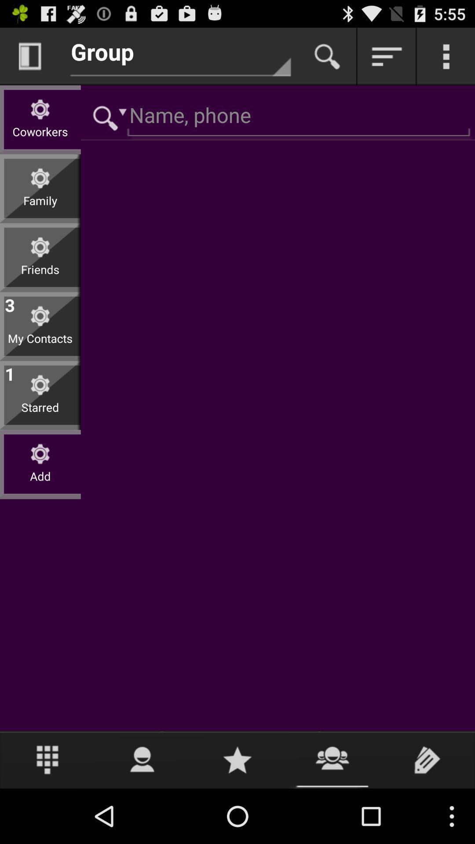 This screenshot has height=844, width=475. What do you see at coordinates (327, 56) in the screenshot?
I see `search contacts` at bounding box center [327, 56].